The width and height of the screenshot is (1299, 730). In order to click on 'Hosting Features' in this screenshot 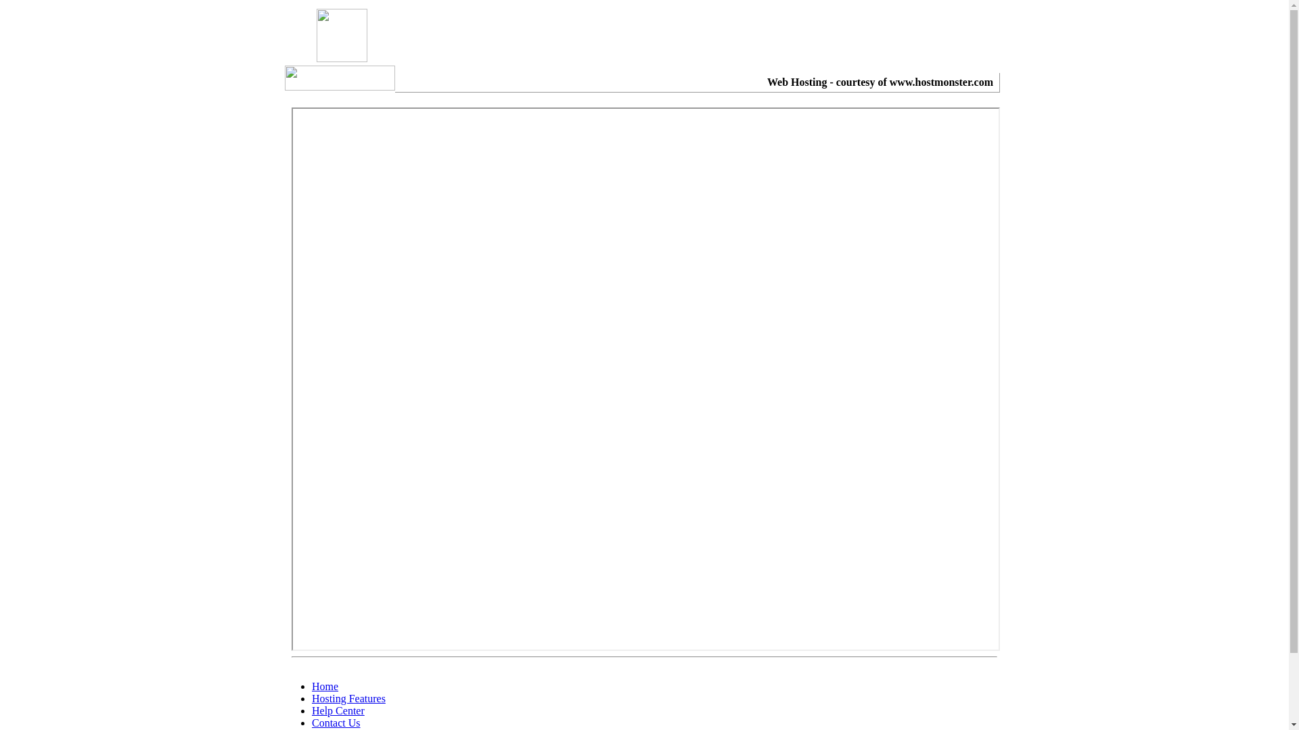, I will do `click(348, 698)`.